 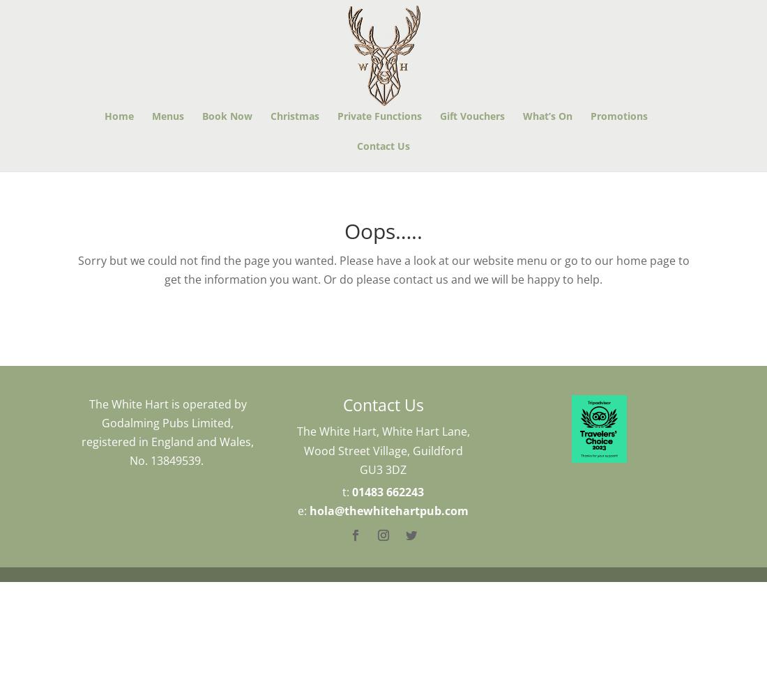 What do you see at coordinates (303, 510) in the screenshot?
I see `'e:'` at bounding box center [303, 510].